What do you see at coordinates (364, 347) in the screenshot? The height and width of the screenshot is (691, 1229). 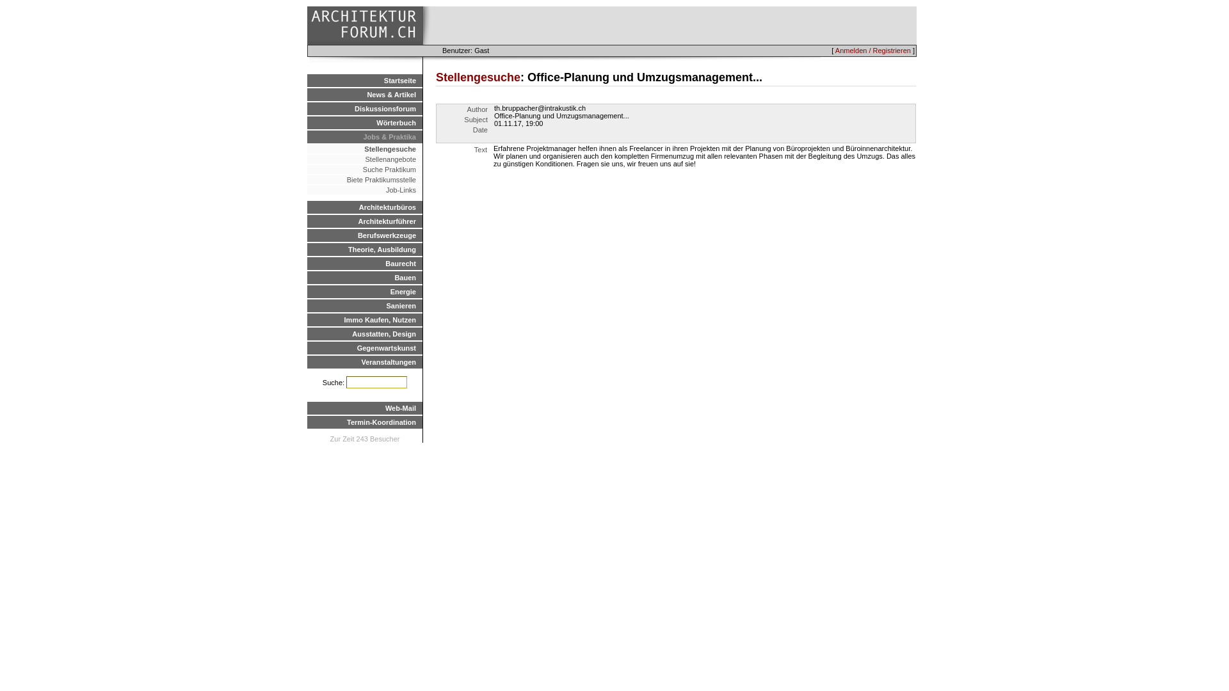 I see `'Gegenwartskunst'` at bounding box center [364, 347].